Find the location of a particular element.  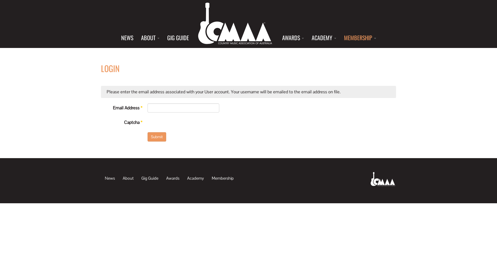

'NEWS' is located at coordinates (127, 37).